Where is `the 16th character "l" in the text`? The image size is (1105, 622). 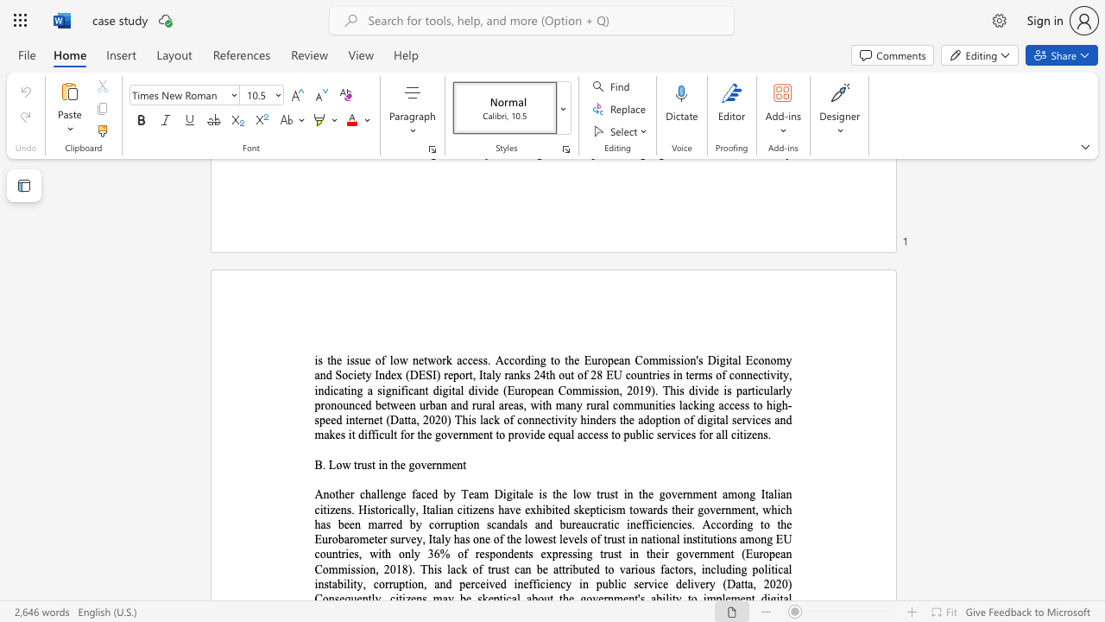 the 16th character "l" in the text is located at coordinates (449, 569).